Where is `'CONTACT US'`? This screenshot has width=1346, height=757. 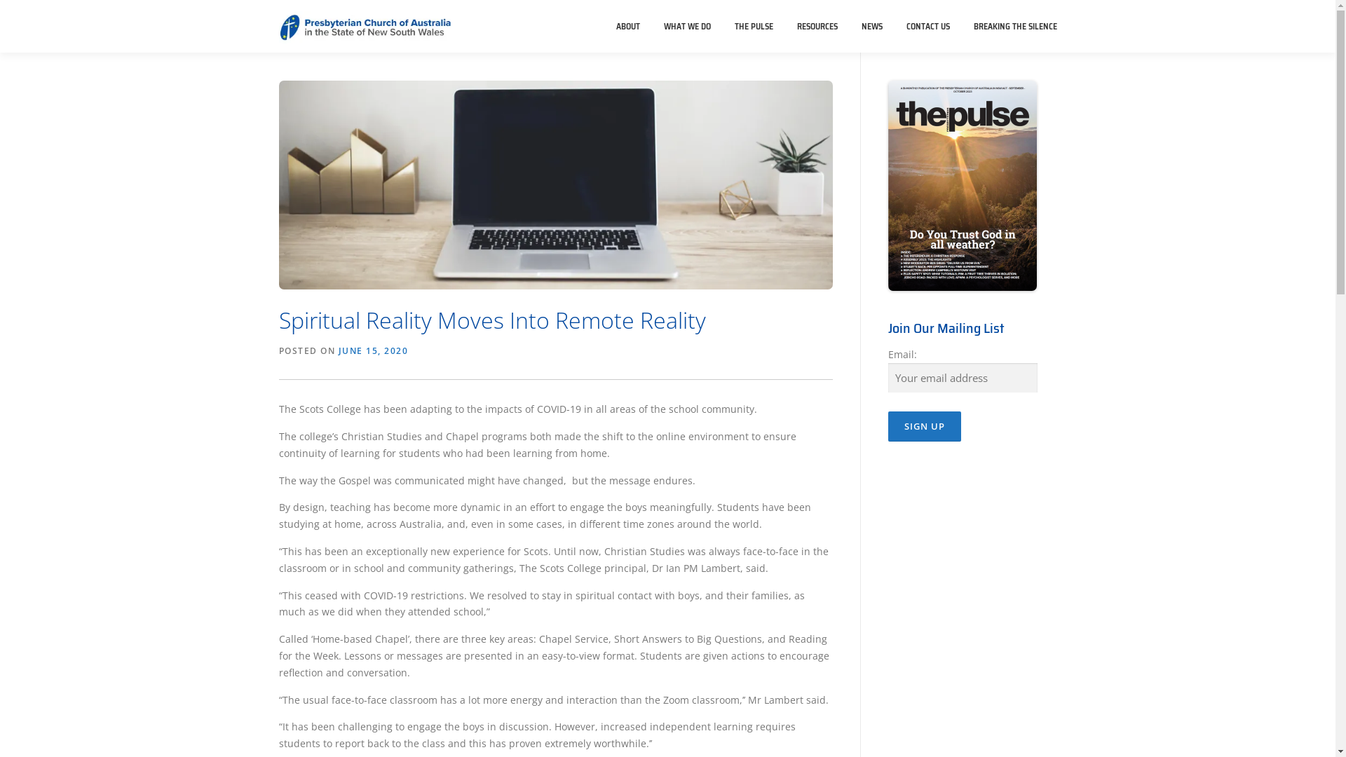 'CONTACT US' is located at coordinates (928, 26).